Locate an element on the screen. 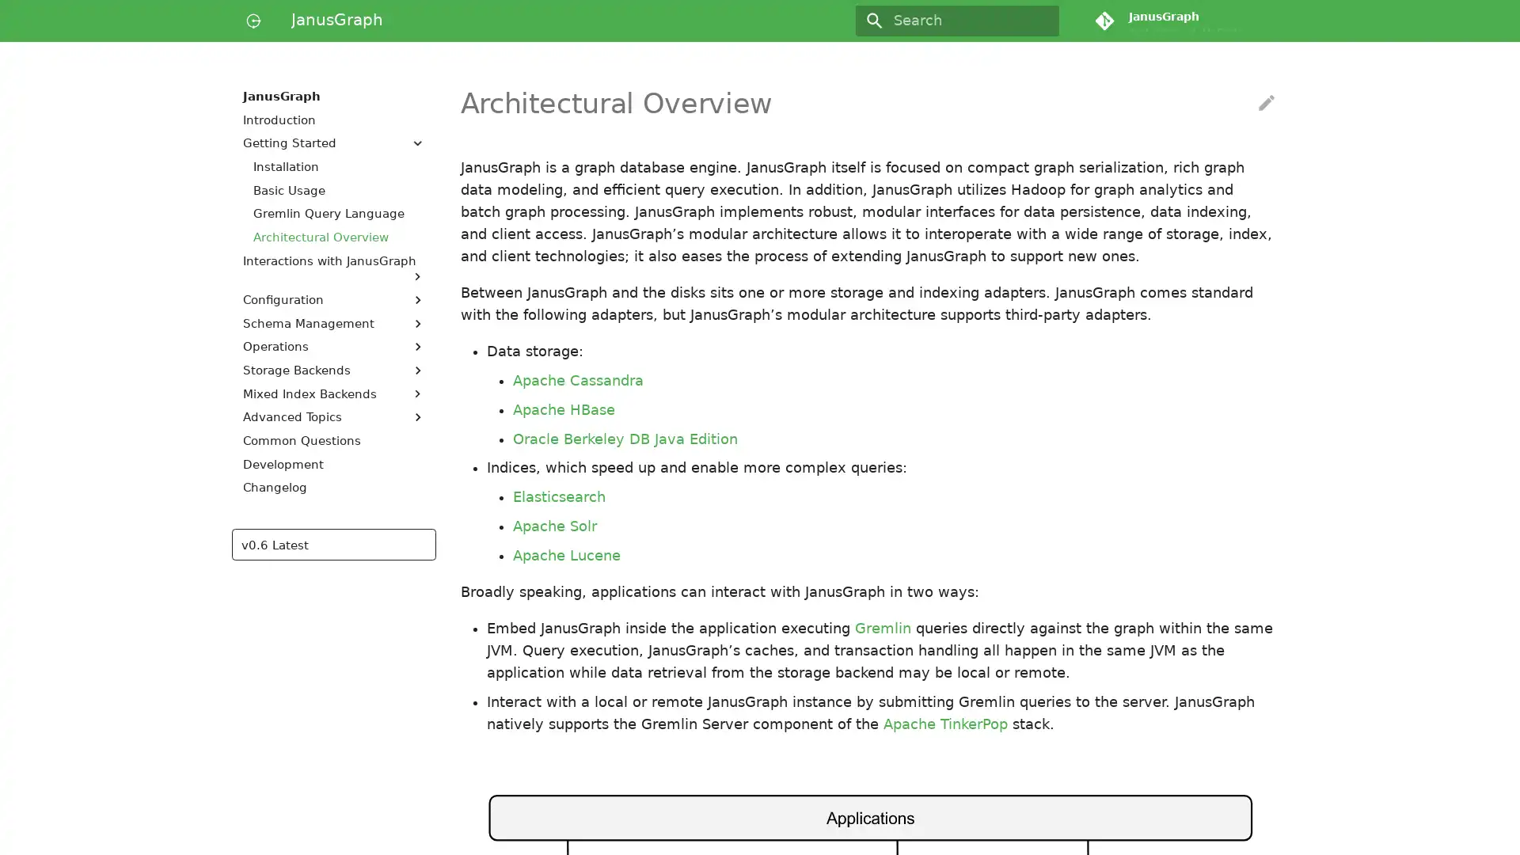 This screenshot has height=855, width=1520. Clear is located at coordinates (1040, 21).